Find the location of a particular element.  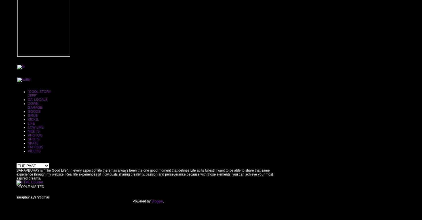

'LIFE' is located at coordinates (31, 123).